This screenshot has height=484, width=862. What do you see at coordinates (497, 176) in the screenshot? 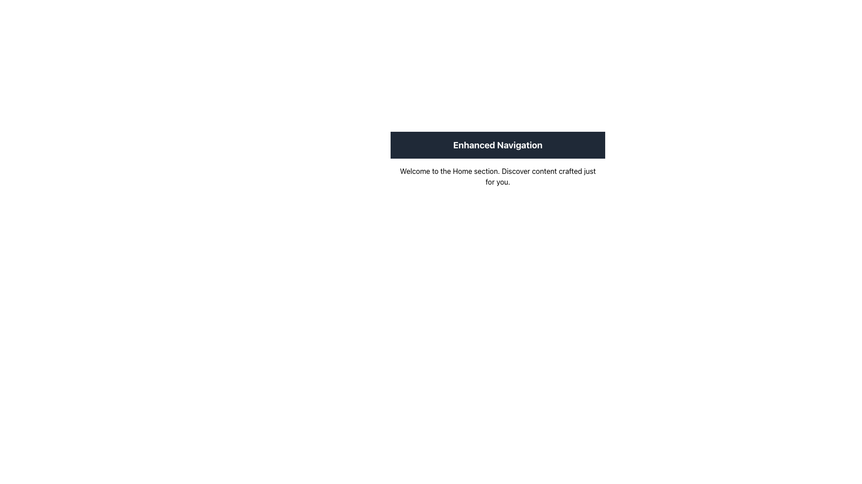
I see `text content of the Static Text Block that says 'Welcome to the Home section. Discover content crafted just for you.' which is located directly beneath the 'Enhanced Navigation' element` at bounding box center [497, 176].